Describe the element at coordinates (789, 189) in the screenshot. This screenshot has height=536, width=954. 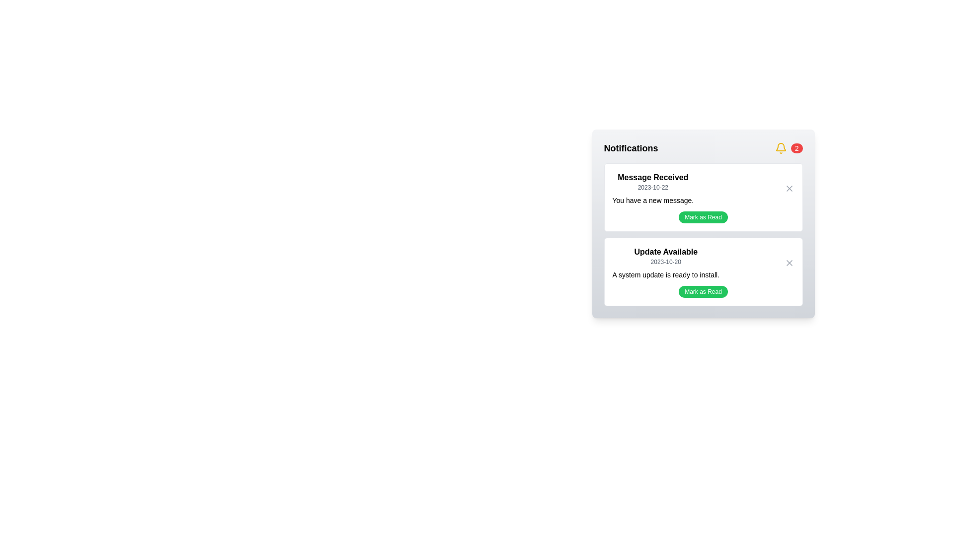
I see `the 'X' Close Icon located at the top-right corner of the notification card` at that location.